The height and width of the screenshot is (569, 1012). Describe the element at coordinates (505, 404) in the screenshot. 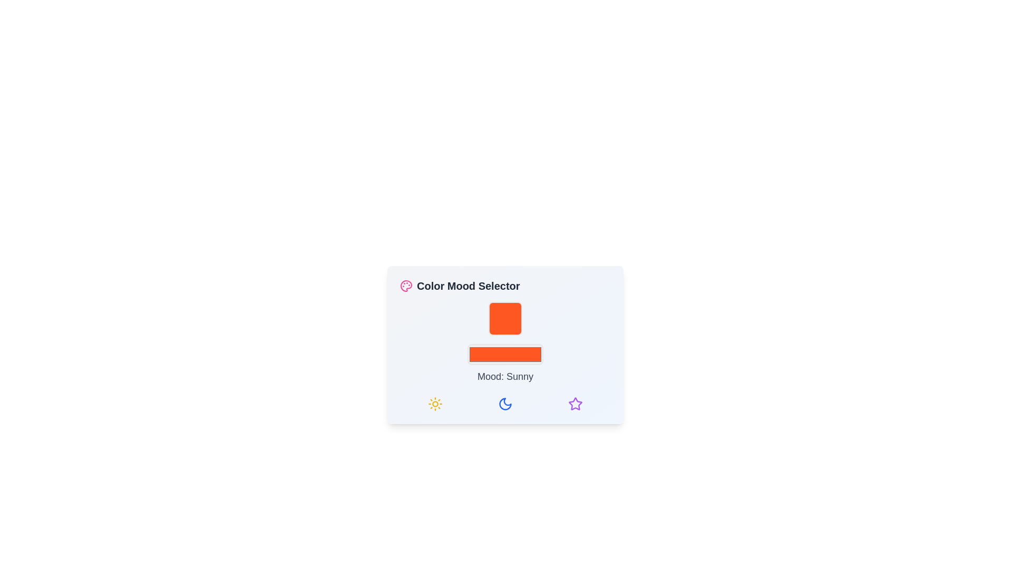

I see `the middle SVG icon that indicates a nighttime or calm mood, which is located at the bottom center of the interface, flanked by a sun icon on the left and a star icon on the right` at that location.